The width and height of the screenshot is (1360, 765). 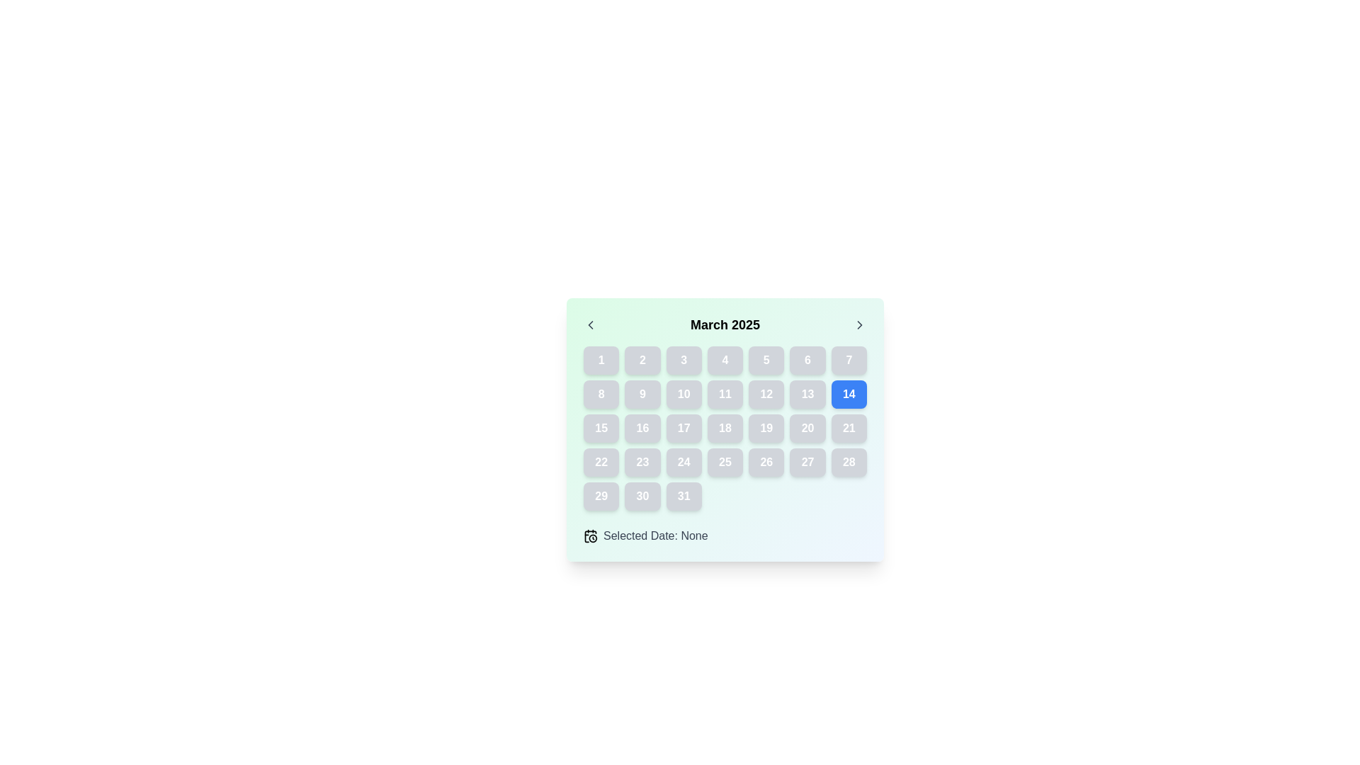 What do you see at coordinates (725, 428) in the screenshot?
I see `the button labeled '18' with a soft gray background and rounded corners in the fourth row and fourth column of the calendar grid` at bounding box center [725, 428].